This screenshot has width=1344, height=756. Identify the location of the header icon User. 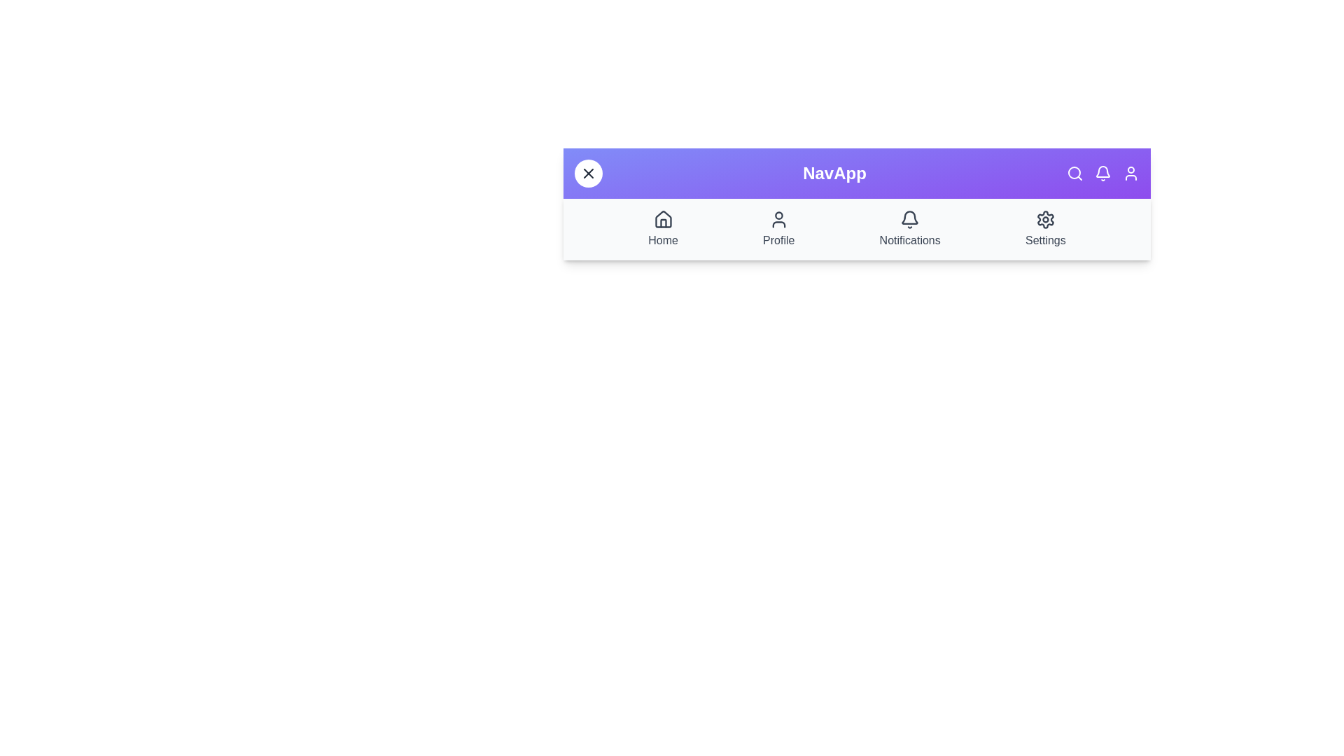
(1131, 172).